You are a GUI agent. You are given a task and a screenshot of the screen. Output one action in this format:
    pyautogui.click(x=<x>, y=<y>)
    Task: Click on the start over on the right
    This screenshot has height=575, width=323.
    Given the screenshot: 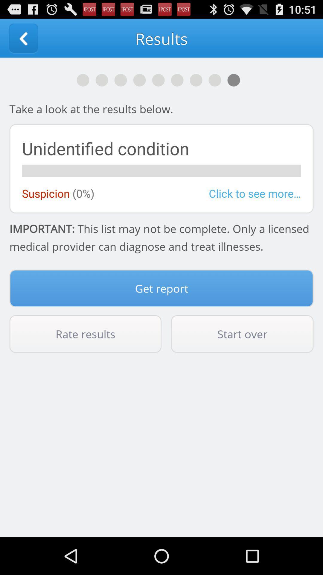 What is the action you would take?
    pyautogui.click(x=242, y=334)
    